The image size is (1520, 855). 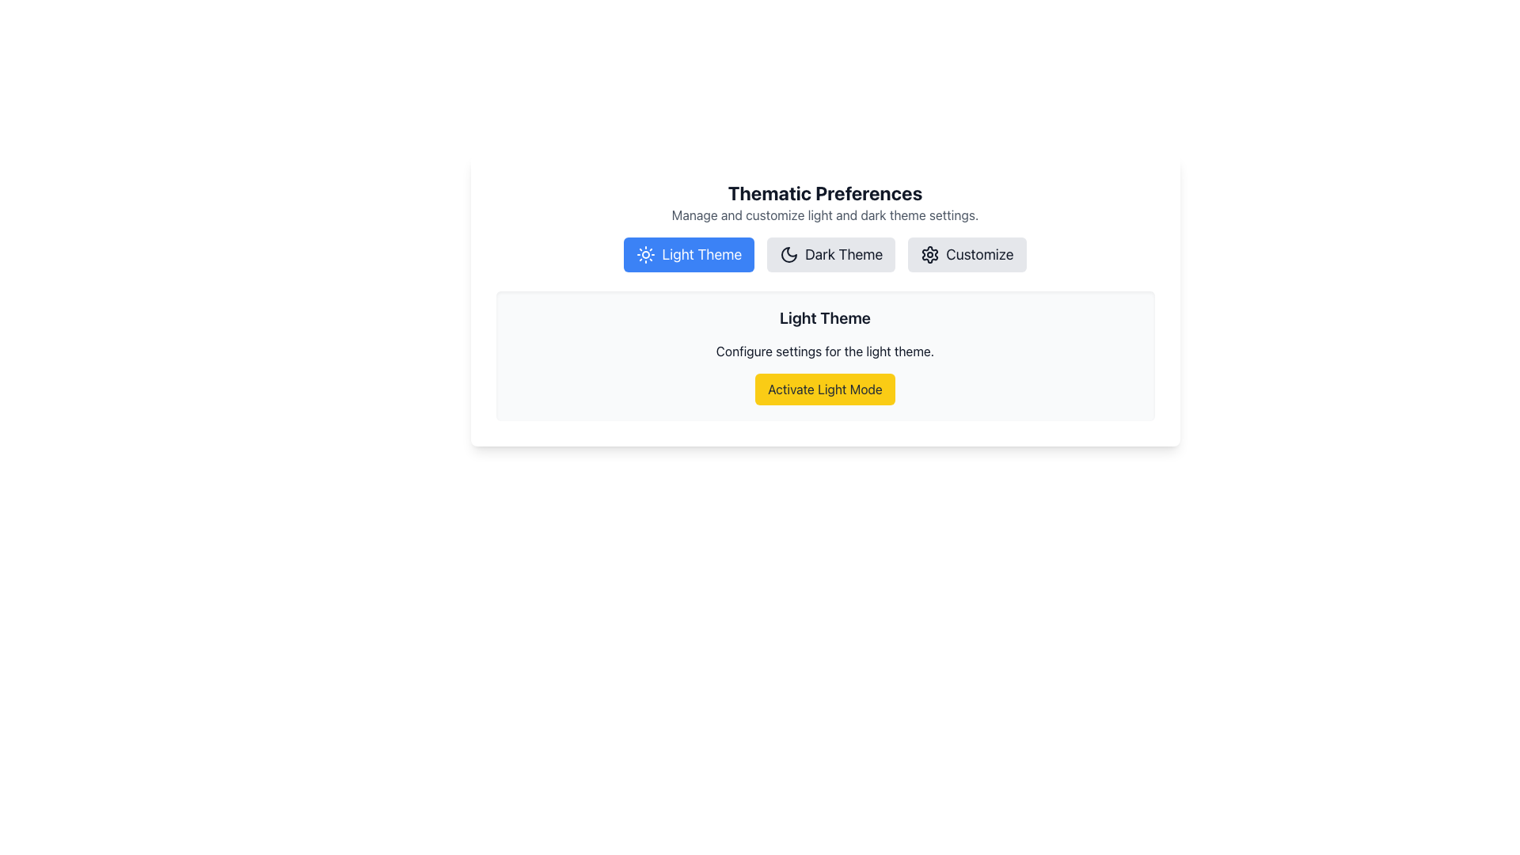 I want to click on the 'Customize' button which contains the icon for opening settings or customization options located to the right of the 'Dark Theme' button and to the left of the text label 'Customize', so click(x=930, y=253).